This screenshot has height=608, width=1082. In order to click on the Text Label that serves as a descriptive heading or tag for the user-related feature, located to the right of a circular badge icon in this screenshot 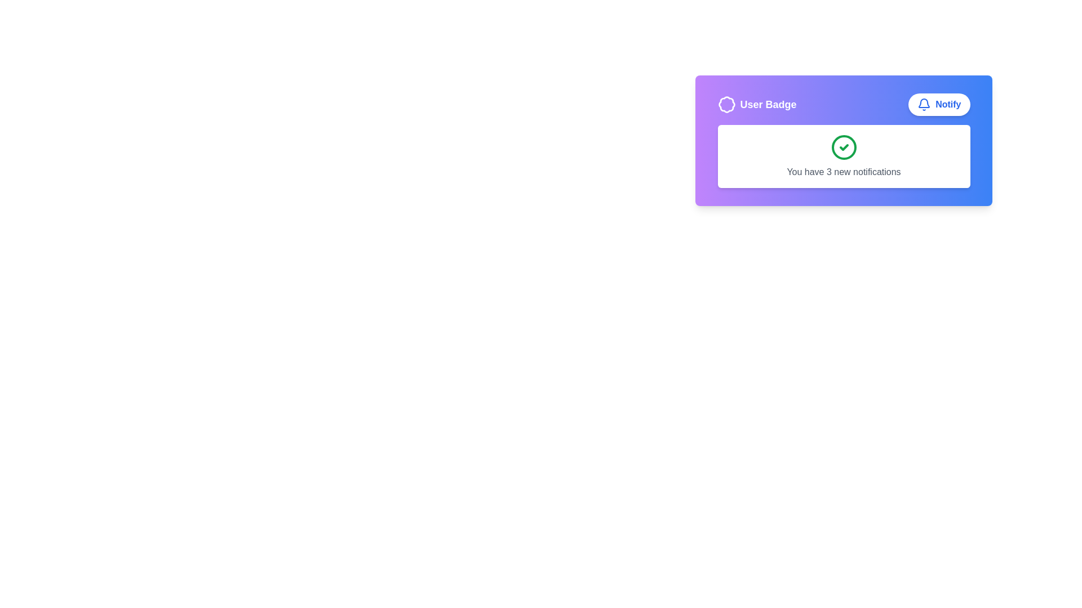, I will do `click(768, 104)`.